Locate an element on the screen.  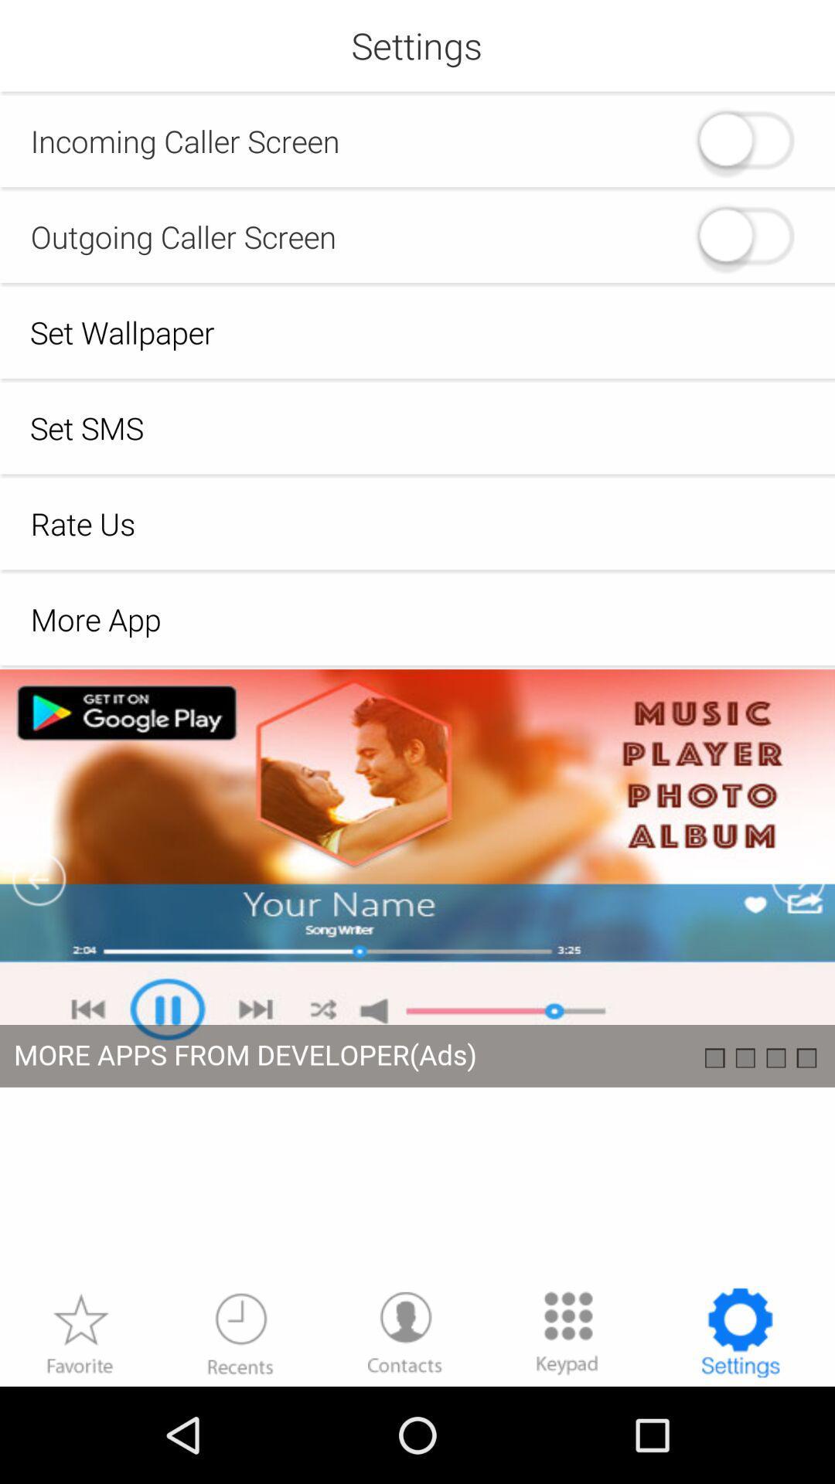
the avatar icon is located at coordinates (404, 1425).